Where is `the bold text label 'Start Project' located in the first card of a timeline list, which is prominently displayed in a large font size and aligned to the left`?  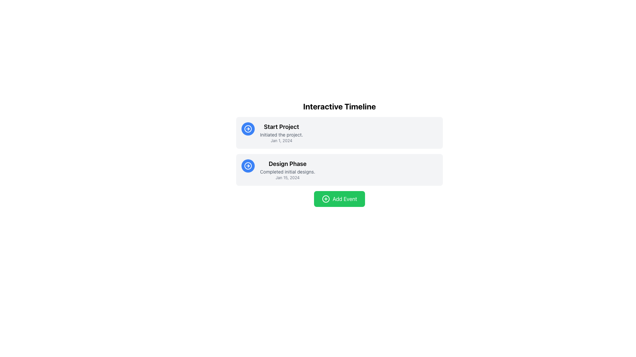 the bold text label 'Start Project' located in the first card of a timeline list, which is prominently displayed in a large font size and aligned to the left is located at coordinates (281, 127).